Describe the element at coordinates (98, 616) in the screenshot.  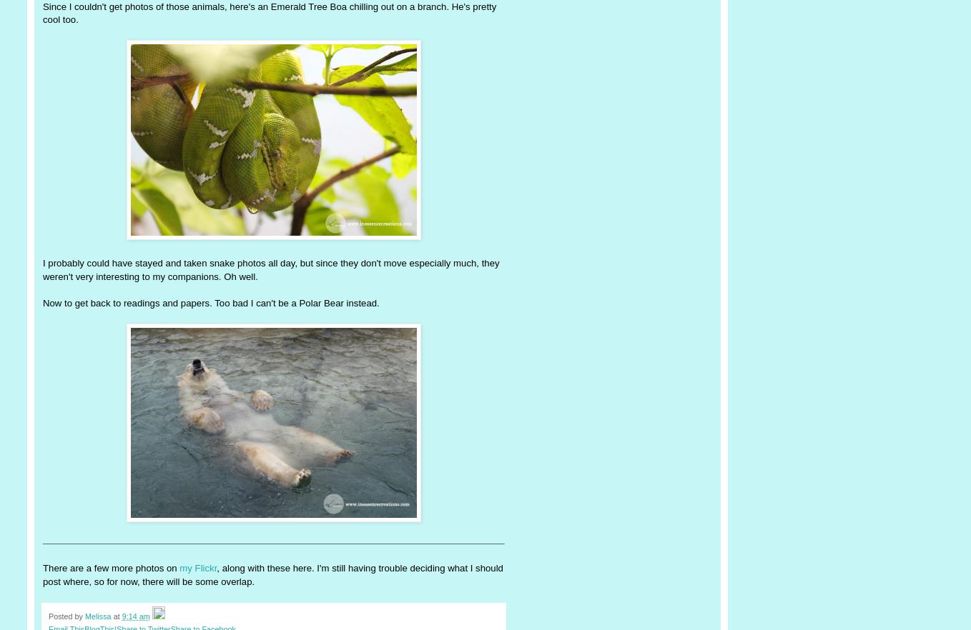
I see `'Melissa'` at that location.